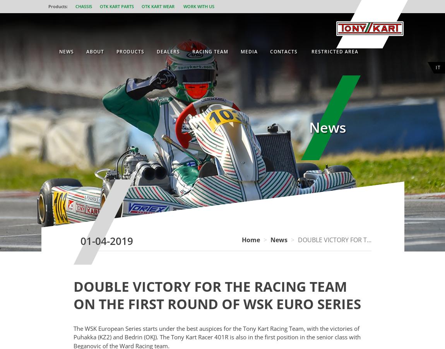 The image size is (445, 349). Describe the element at coordinates (86, 51) in the screenshot. I see `'About'` at that location.